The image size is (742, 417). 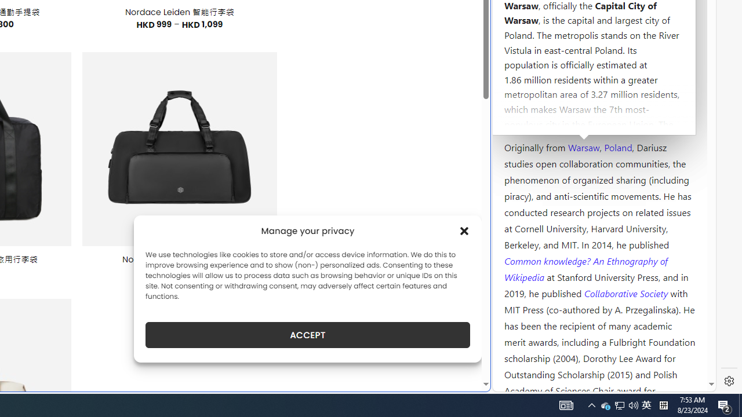 I want to click on 'Kozminski University', so click(x=599, y=78).